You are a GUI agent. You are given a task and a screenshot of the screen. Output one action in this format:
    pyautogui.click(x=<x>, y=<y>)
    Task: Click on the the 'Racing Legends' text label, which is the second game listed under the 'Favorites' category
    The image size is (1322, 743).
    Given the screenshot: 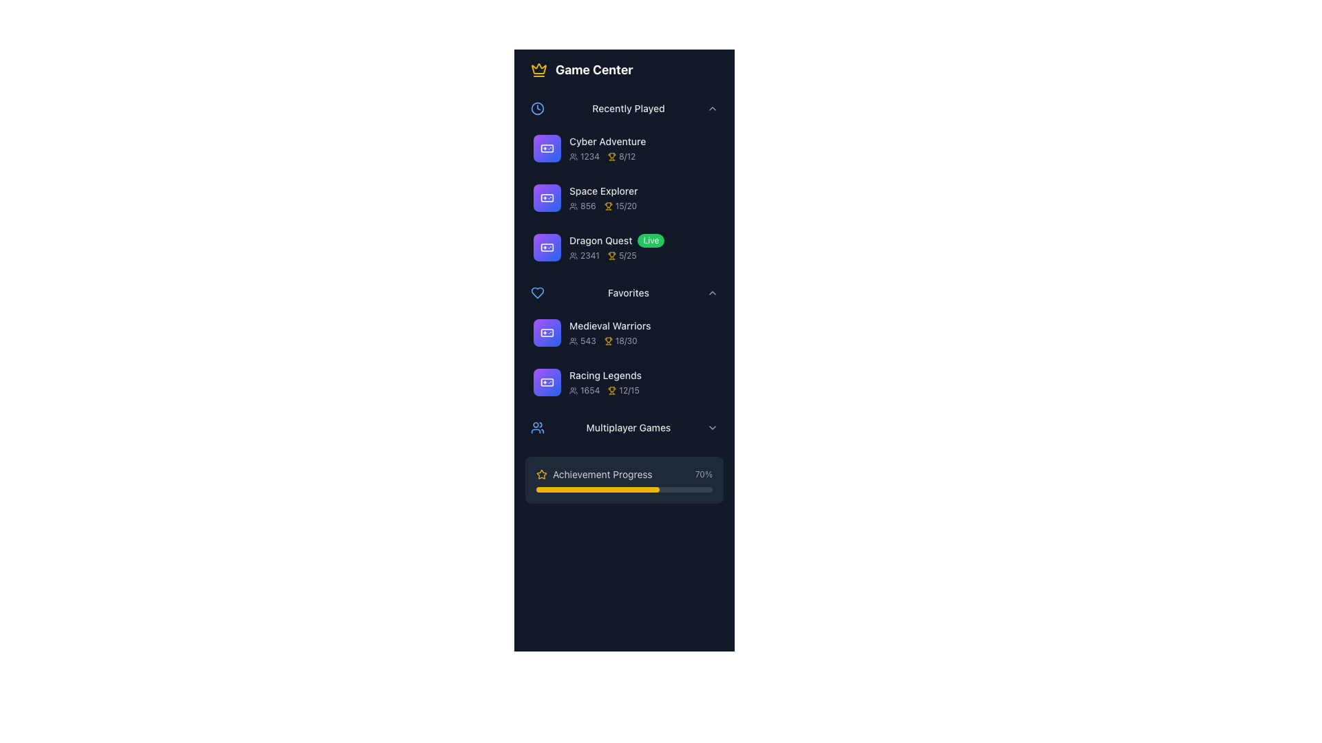 What is the action you would take?
    pyautogui.click(x=605, y=376)
    